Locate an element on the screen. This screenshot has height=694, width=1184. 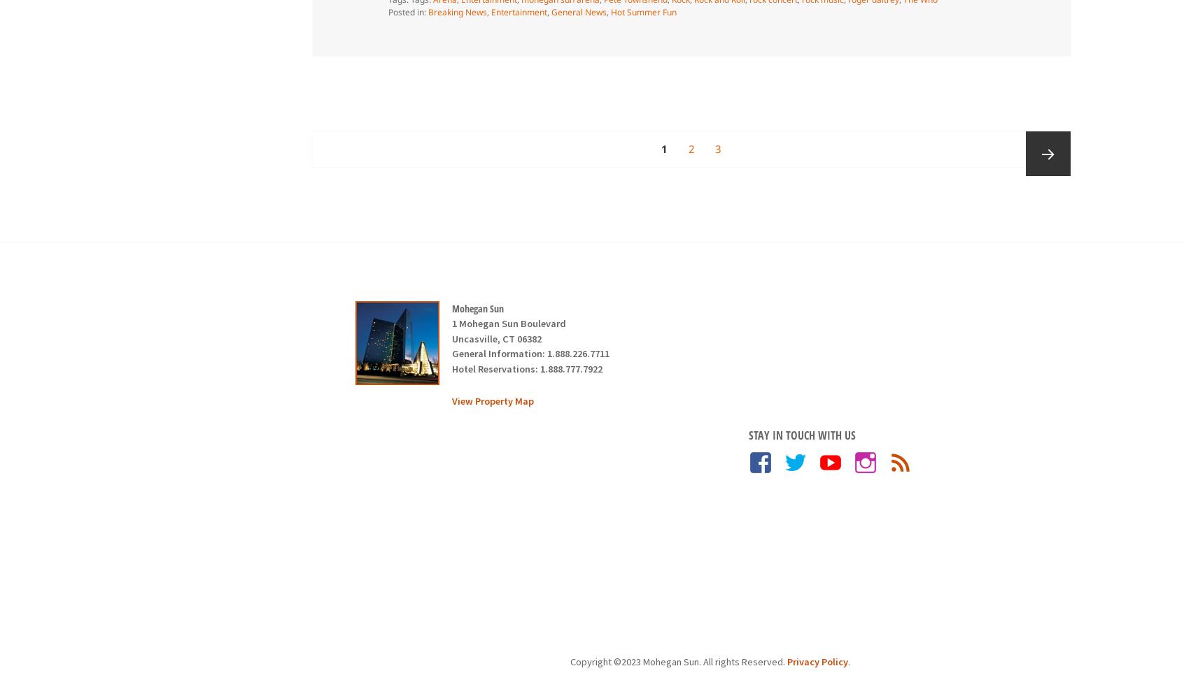
'Copyright  ©2023 Mohegan Sun. All rights Reserved.' is located at coordinates (570, 661).